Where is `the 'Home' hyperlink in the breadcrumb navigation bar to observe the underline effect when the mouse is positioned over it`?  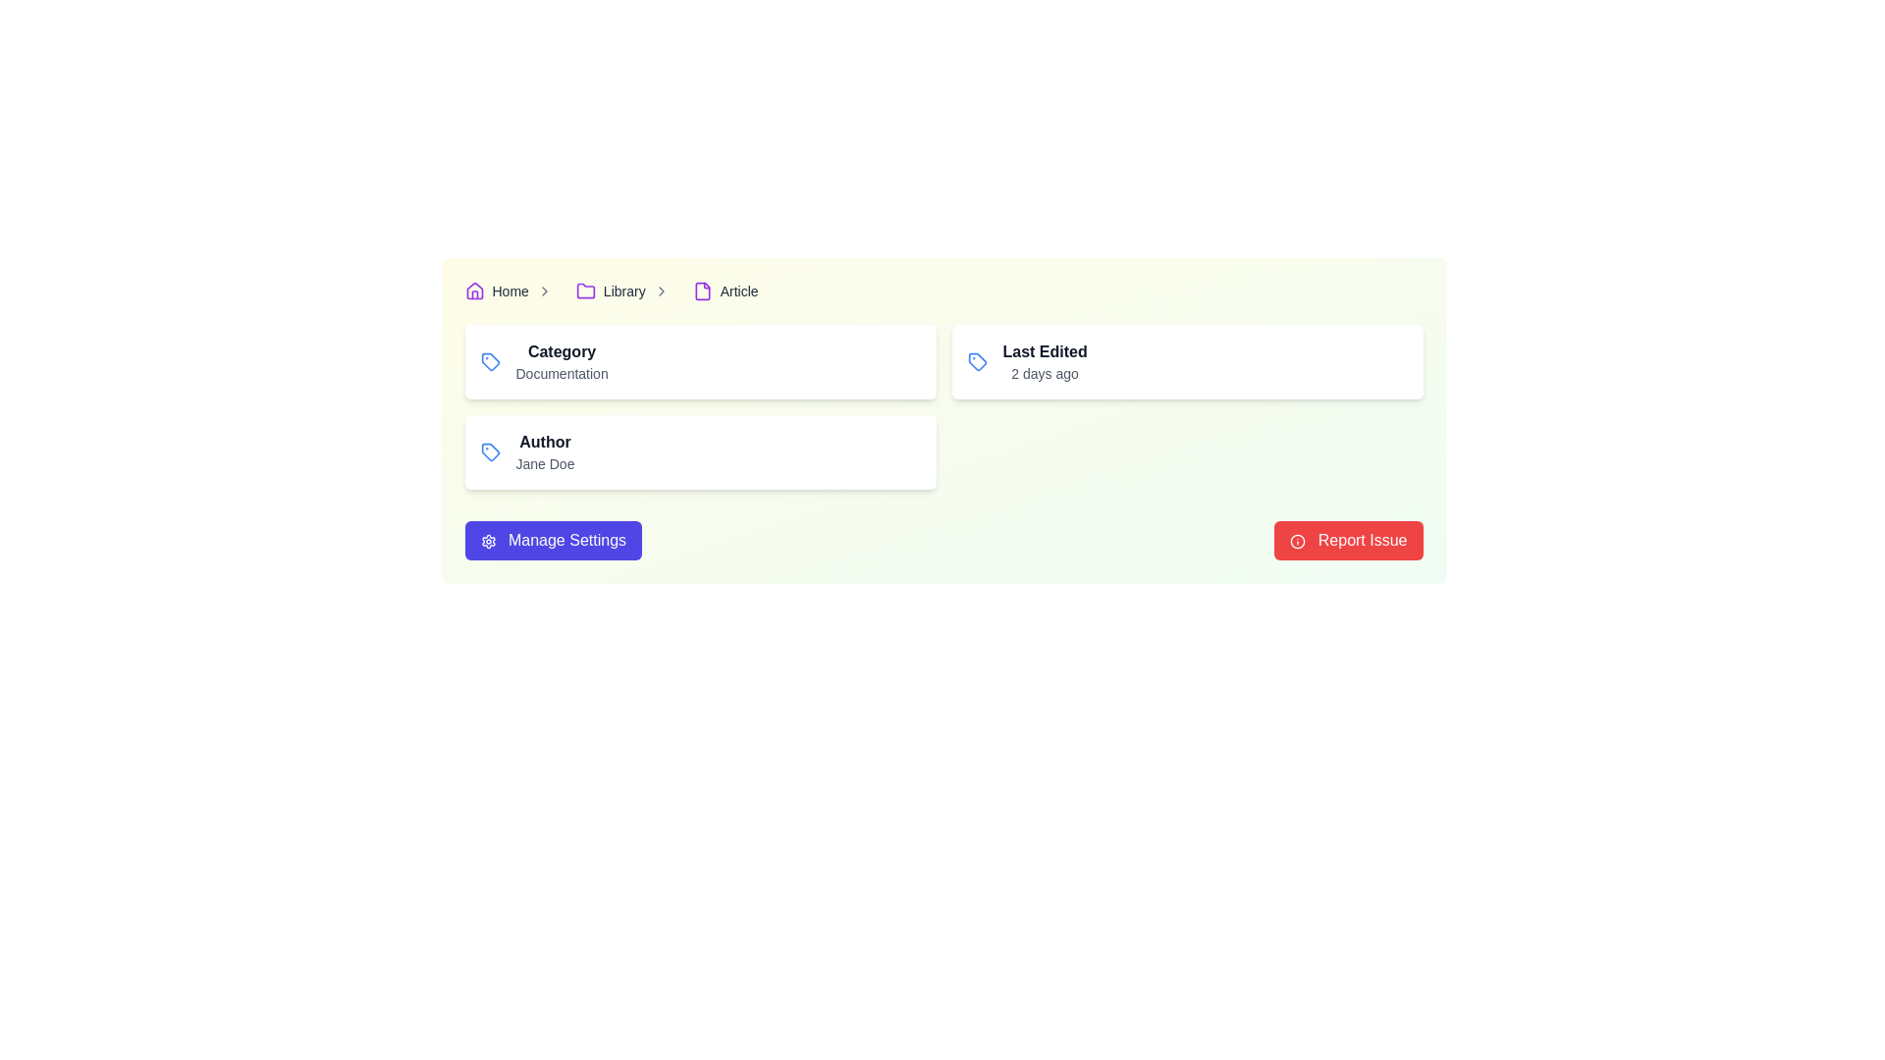 the 'Home' hyperlink in the breadcrumb navigation bar to observe the underline effect when the mouse is positioned over it is located at coordinates (511, 291).